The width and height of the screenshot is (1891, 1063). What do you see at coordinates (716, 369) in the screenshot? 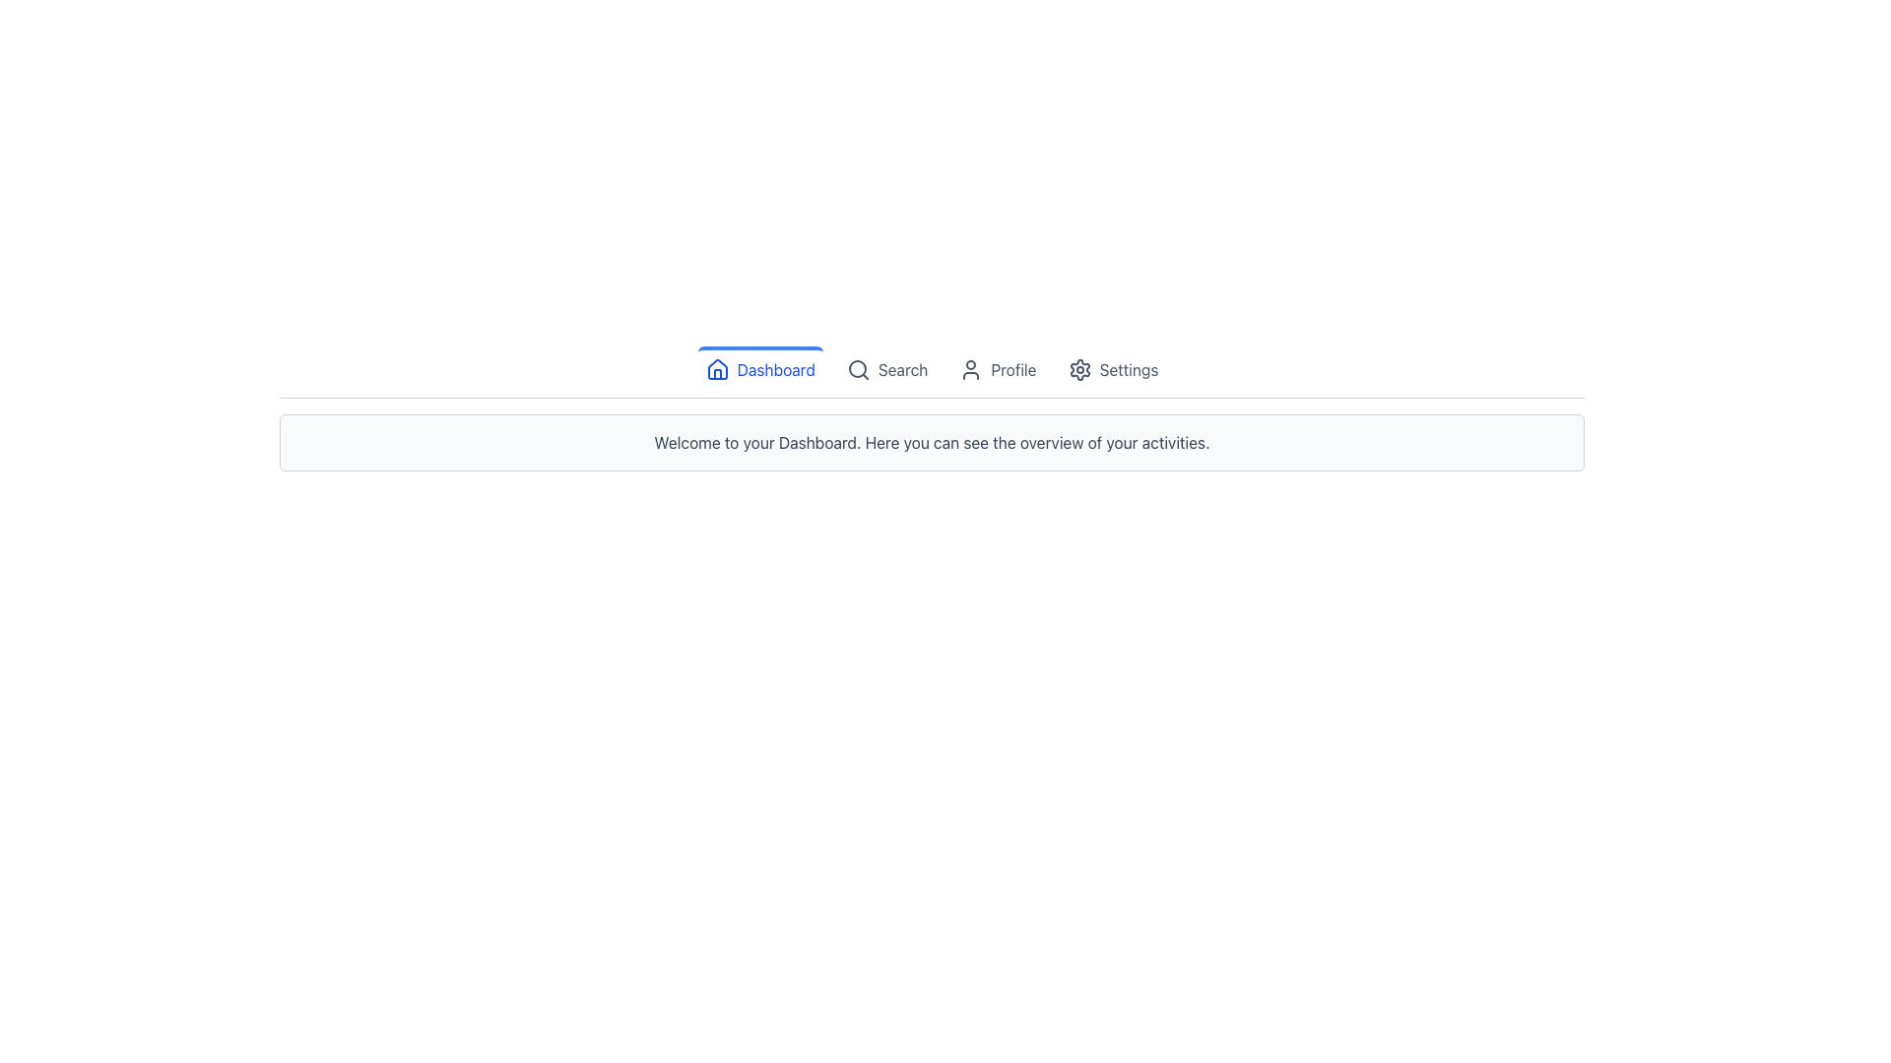
I see `the house-shaped icon located in the top navigation bar` at bounding box center [716, 369].